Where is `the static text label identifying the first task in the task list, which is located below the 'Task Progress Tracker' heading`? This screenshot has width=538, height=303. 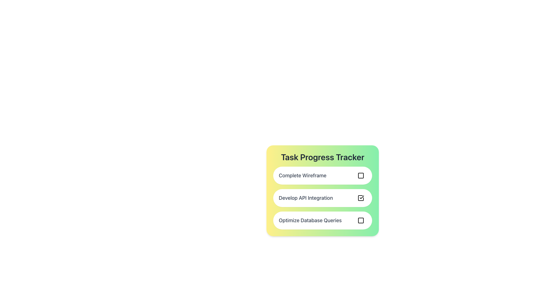 the static text label identifying the first task in the task list, which is located below the 'Task Progress Tracker' heading is located at coordinates (302, 175).